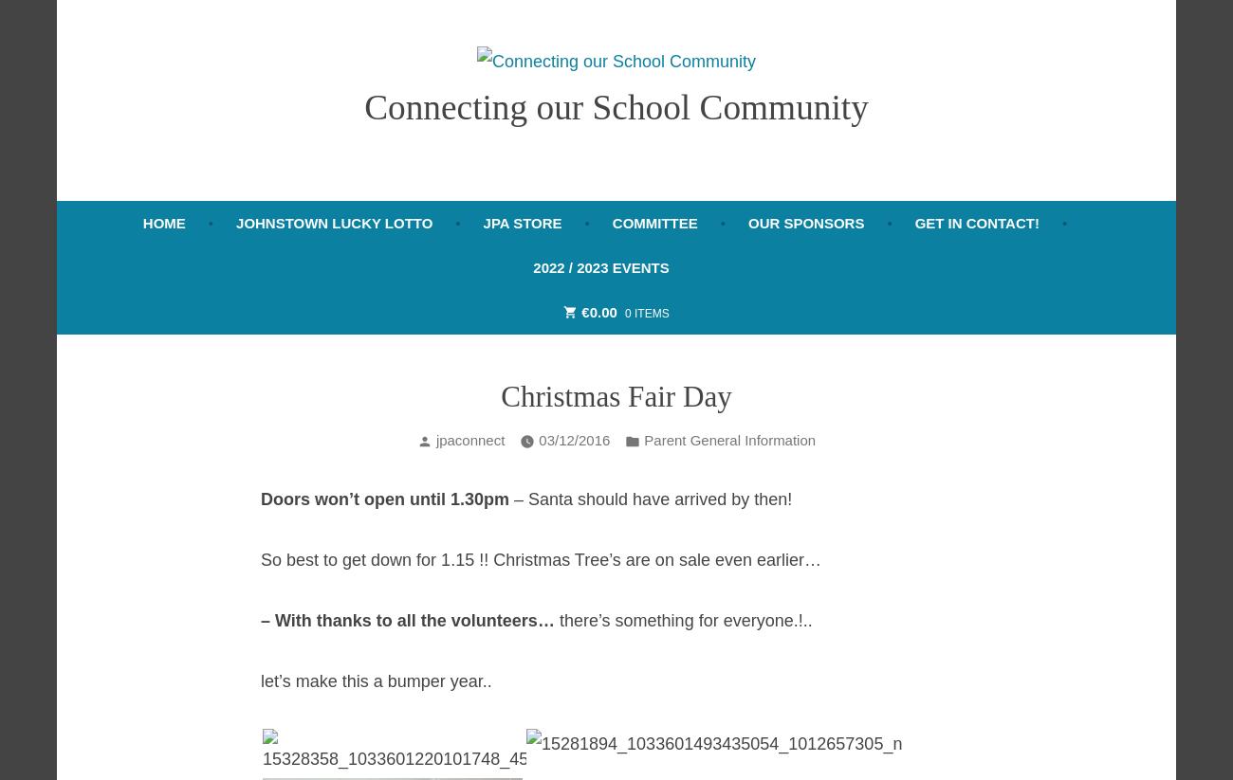 This screenshot has height=780, width=1233. I want to click on 'JPA Store', so click(521, 221).